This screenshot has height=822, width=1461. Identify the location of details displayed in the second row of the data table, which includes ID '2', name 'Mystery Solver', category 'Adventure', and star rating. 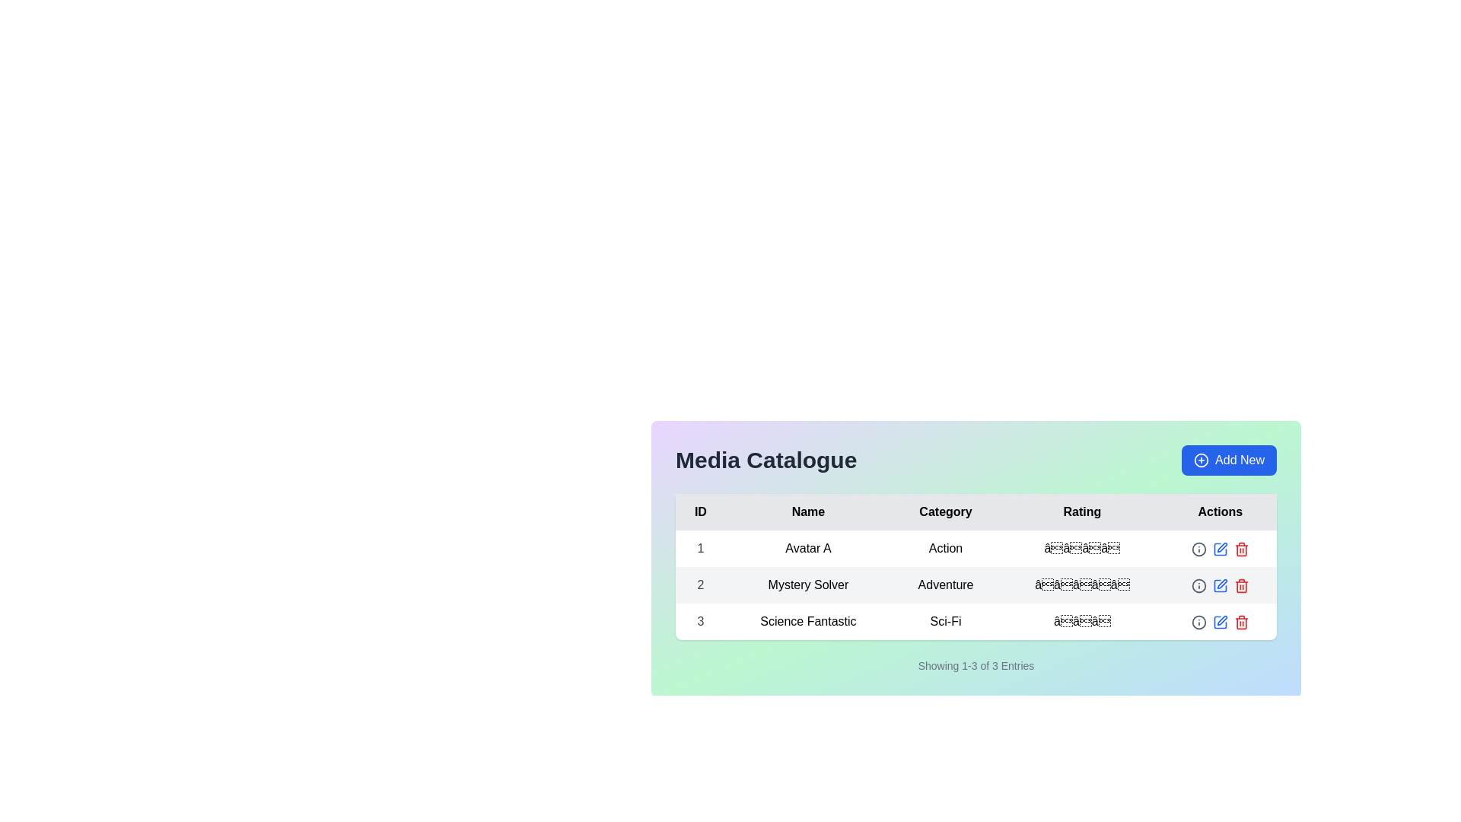
(976, 584).